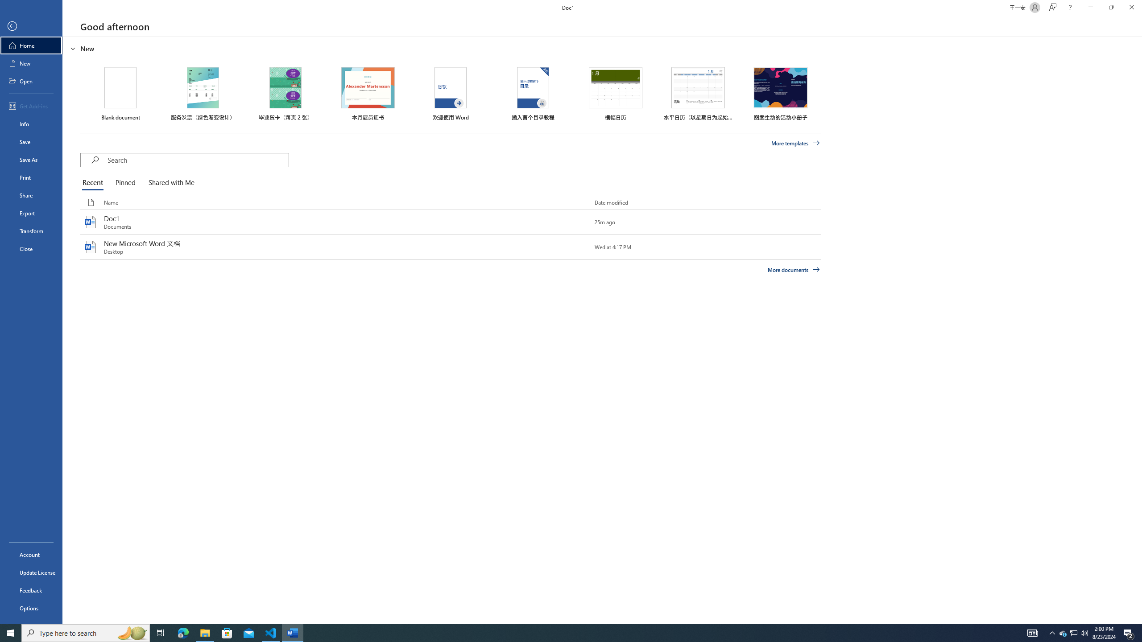  Describe the element at coordinates (31, 555) in the screenshot. I see `'Account'` at that location.